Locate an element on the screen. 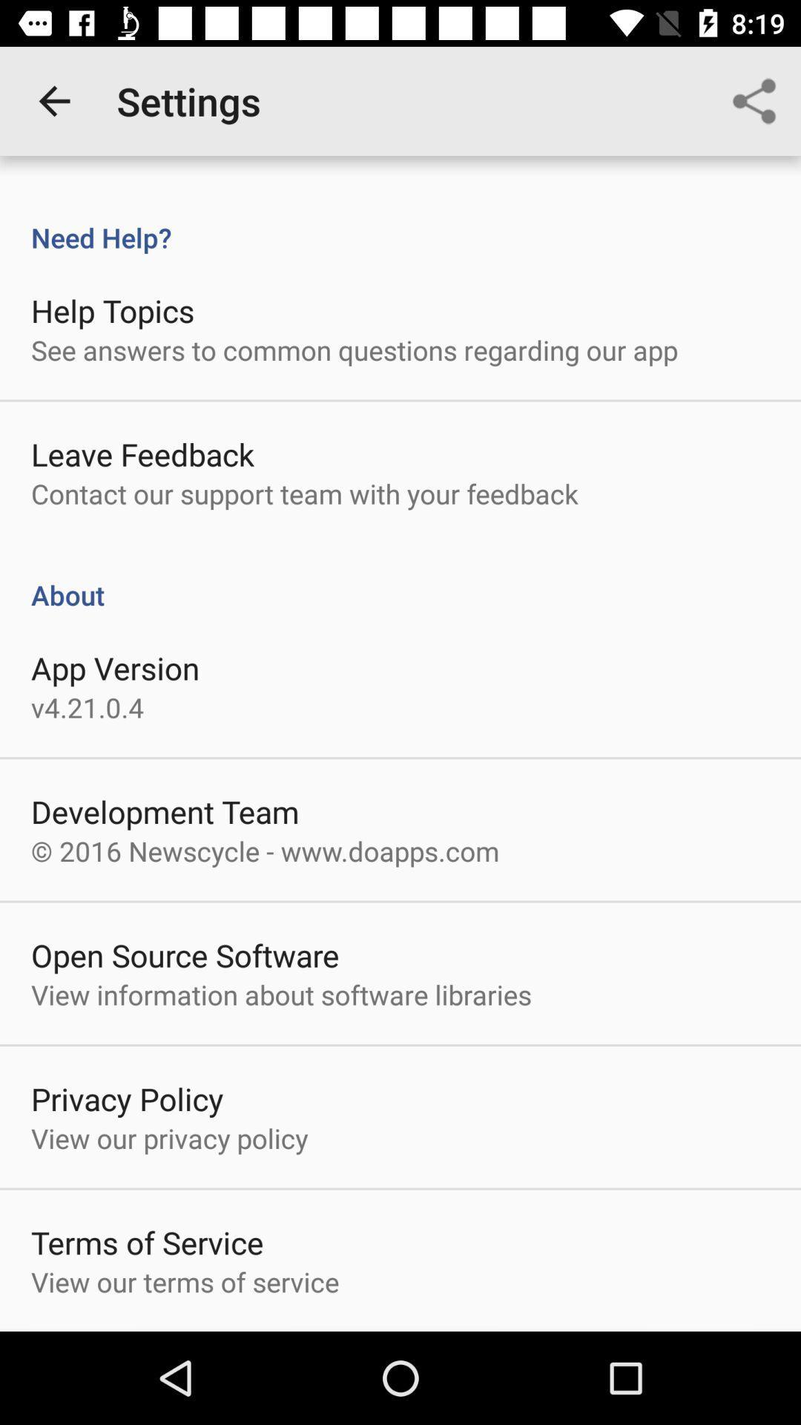 This screenshot has width=801, height=1425. the item above the need help? item is located at coordinates (754, 100).